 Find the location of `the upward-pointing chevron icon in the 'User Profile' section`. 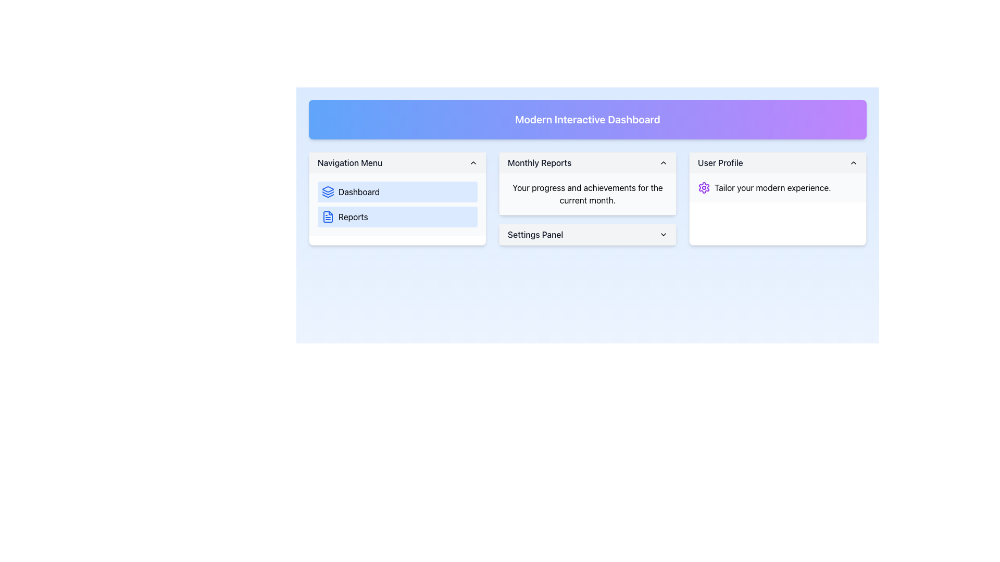

the upward-pointing chevron icon in the 'User Profile' section is located at coordinates (853, 162).